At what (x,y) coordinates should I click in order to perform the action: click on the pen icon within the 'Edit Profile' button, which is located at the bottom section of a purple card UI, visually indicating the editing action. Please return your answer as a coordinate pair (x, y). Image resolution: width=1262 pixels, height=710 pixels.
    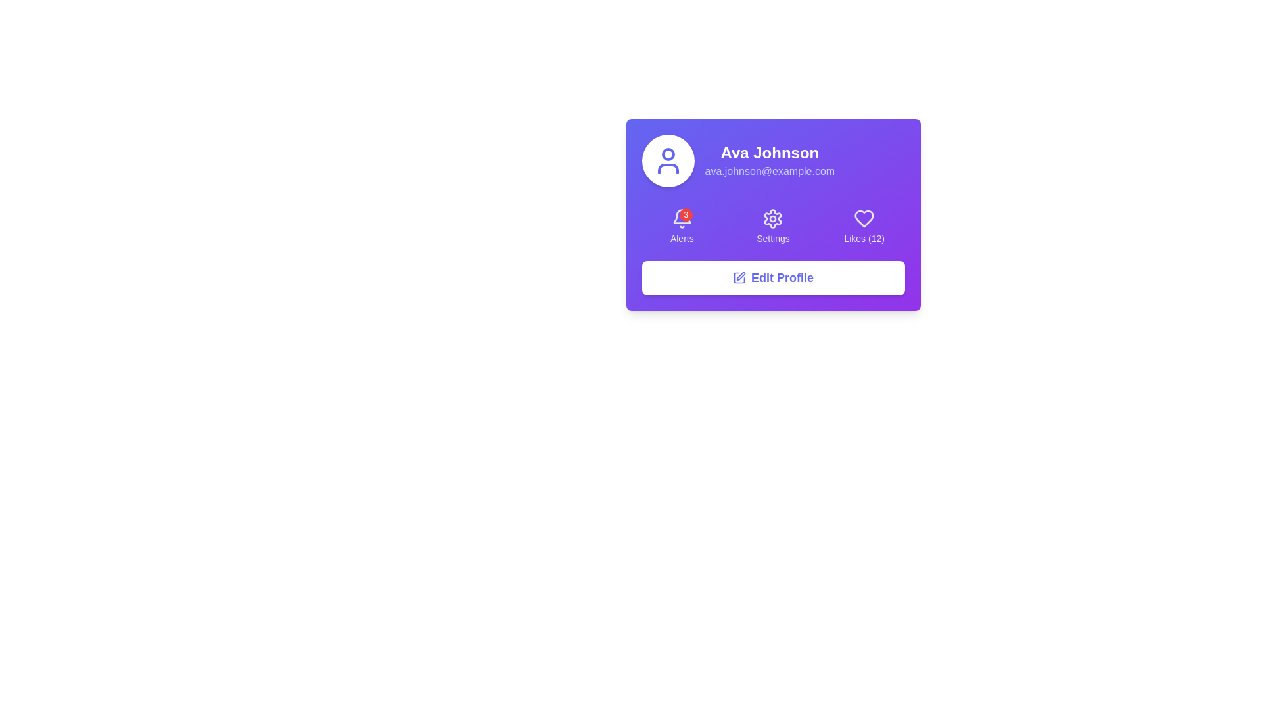
    Looking at the image, I should click on (739, 277).